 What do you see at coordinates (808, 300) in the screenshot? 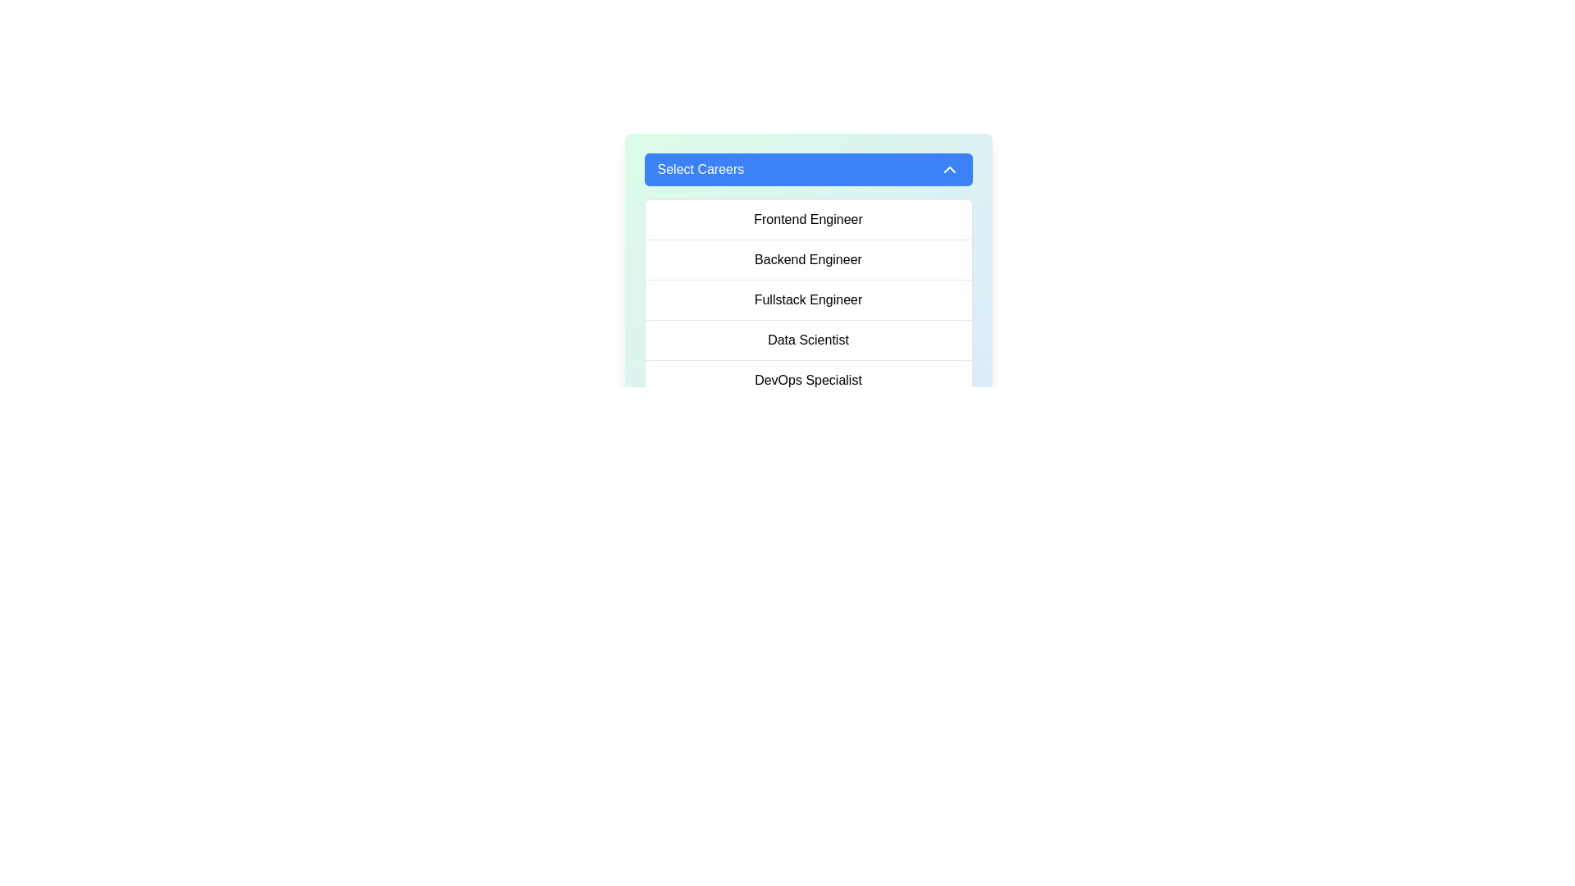
I see `to select the 'Fullstack Engineer' option from the vertical list of careers, which is the third item directly beneath 'Backend Engineer.'` at bounding box center [808, 300].